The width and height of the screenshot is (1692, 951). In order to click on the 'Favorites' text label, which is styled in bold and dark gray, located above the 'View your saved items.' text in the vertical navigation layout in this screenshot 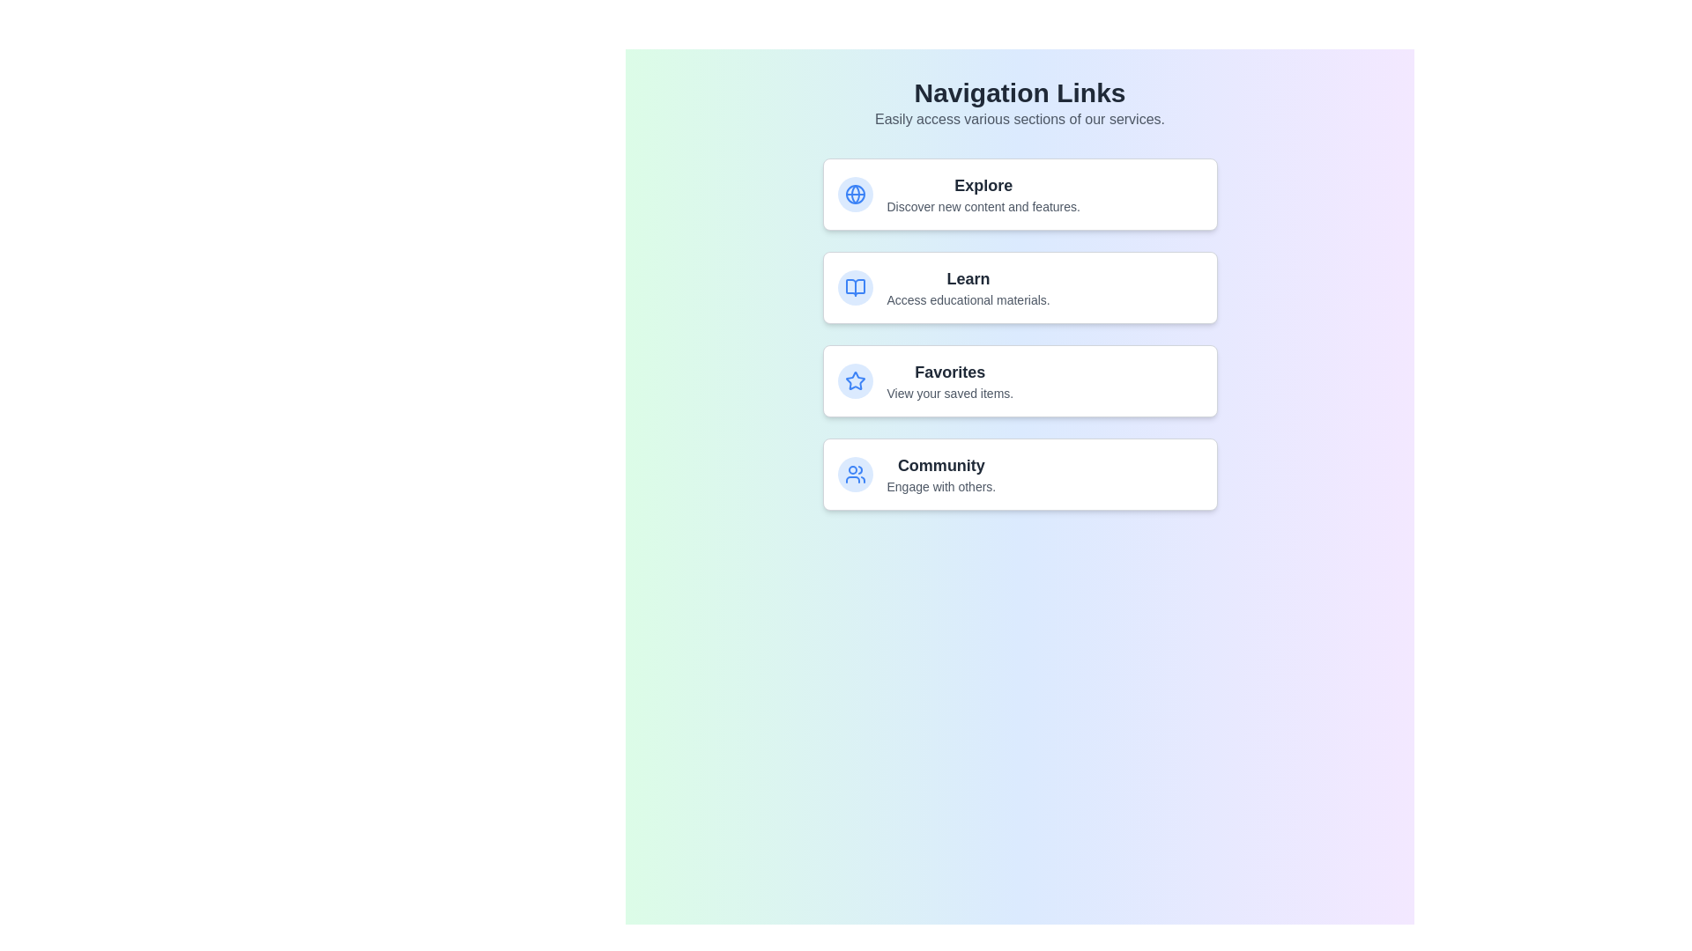, I will do `click(949, 372)`.